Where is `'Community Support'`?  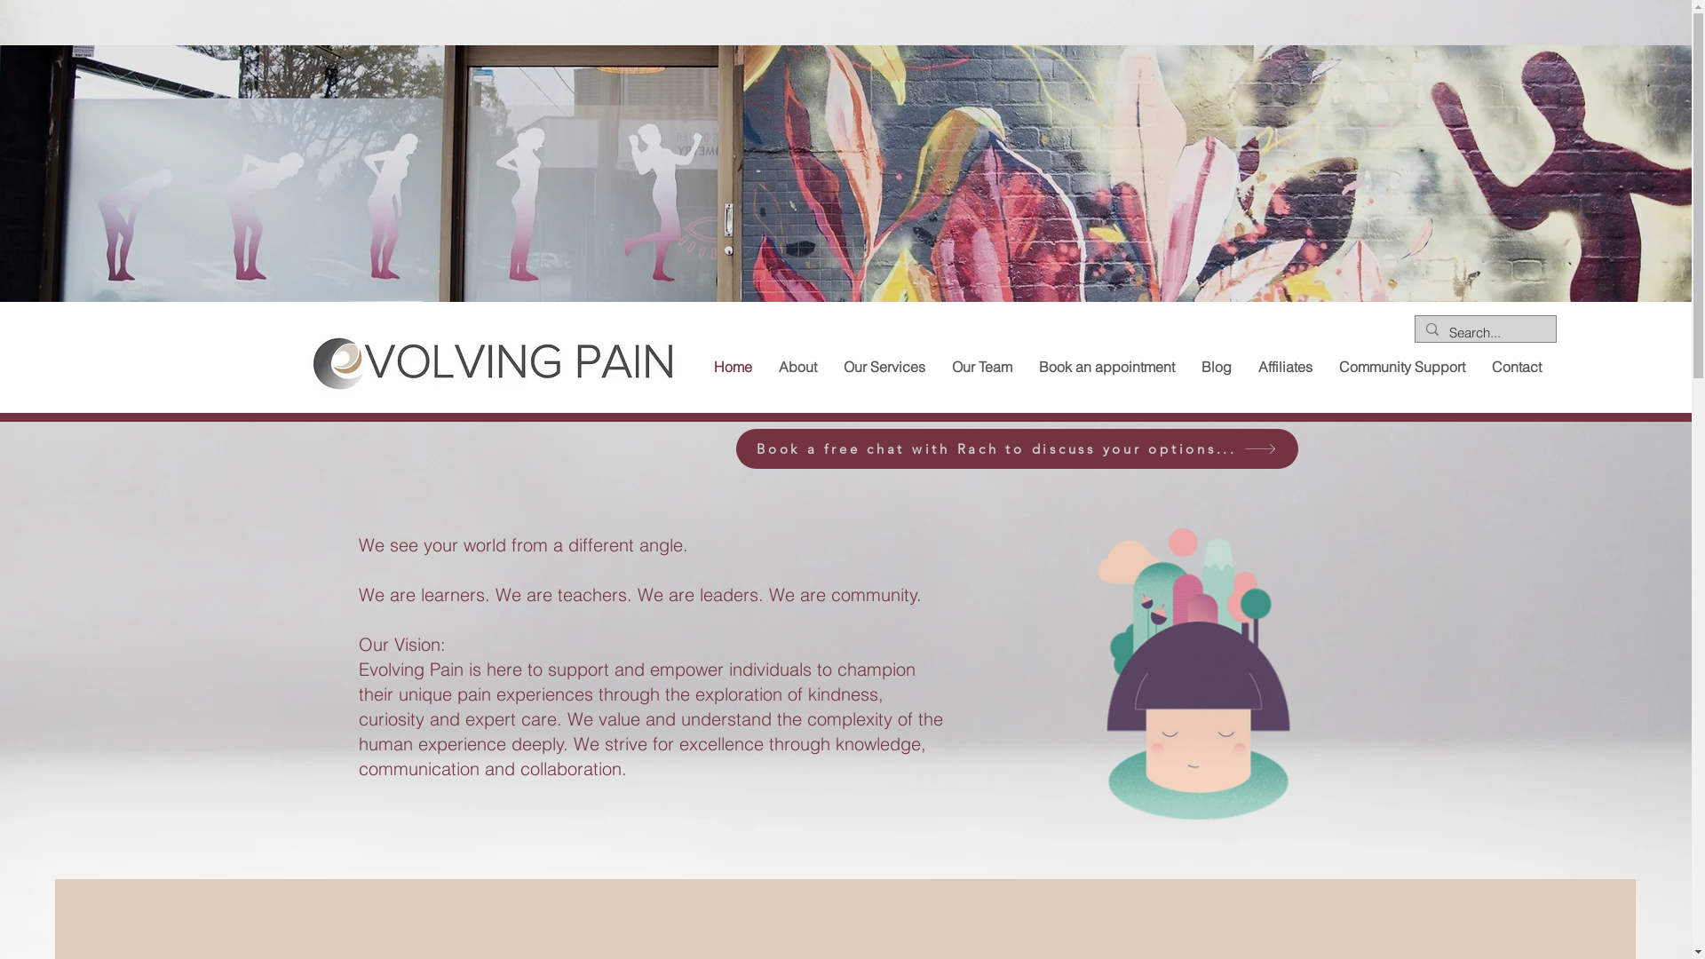 'Community Support' is located at coordinates (1400, 366).